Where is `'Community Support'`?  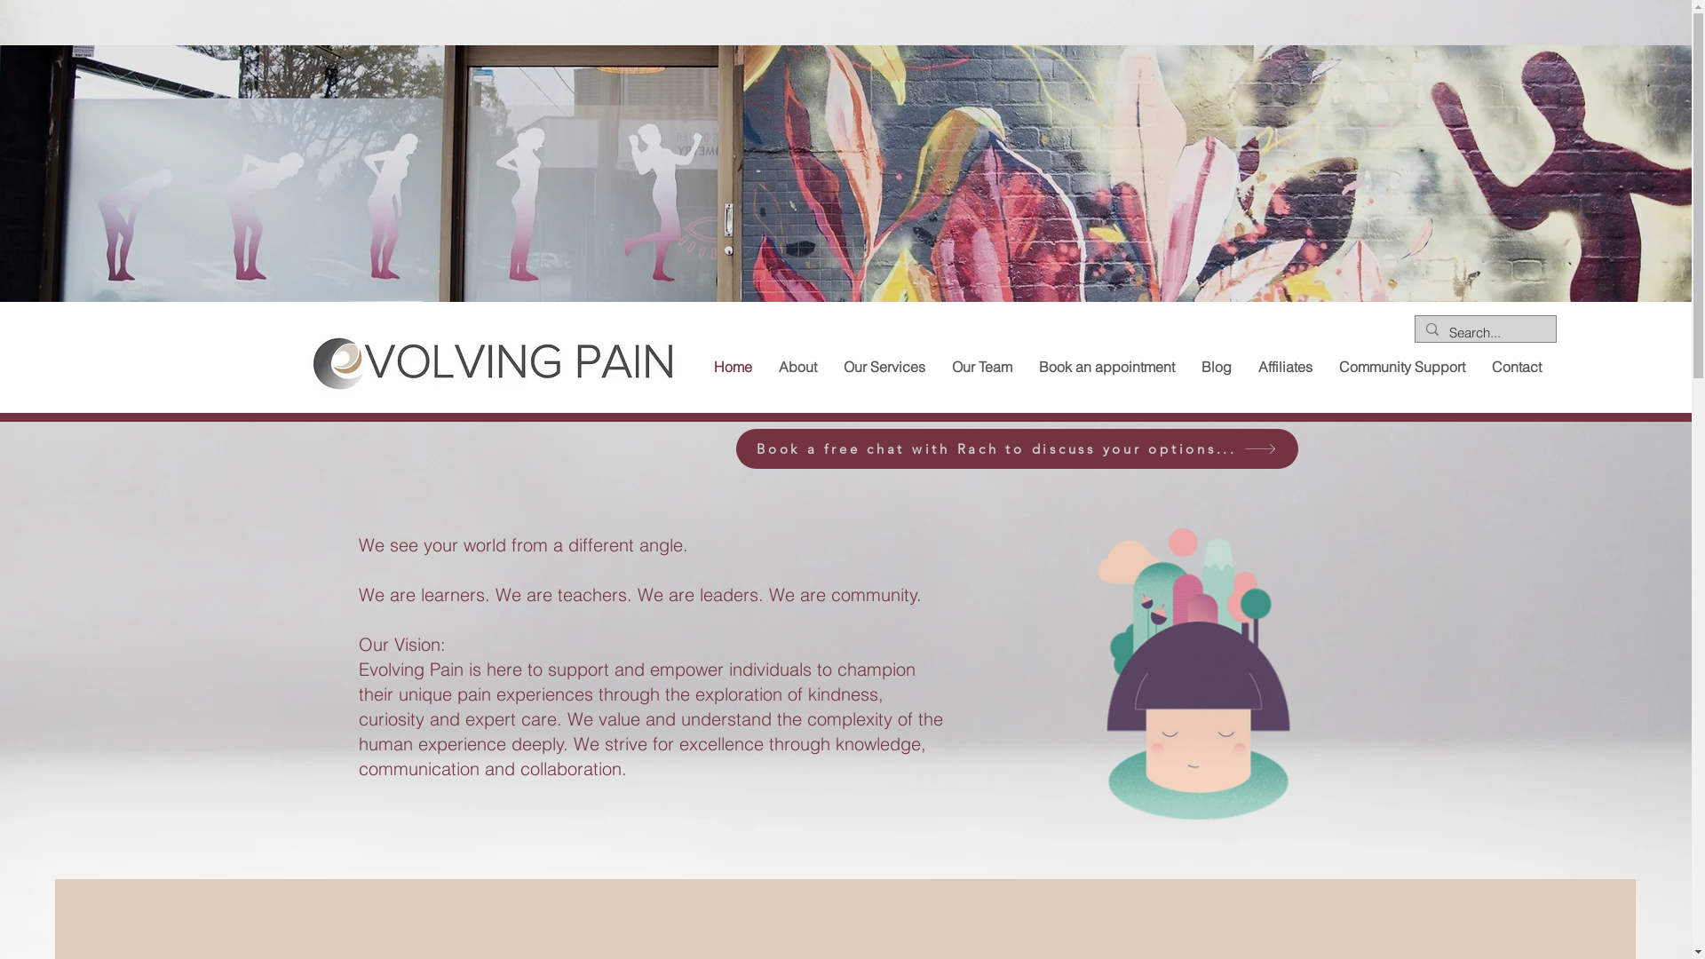 'Community Support' is located at coordinates (1400, 366).